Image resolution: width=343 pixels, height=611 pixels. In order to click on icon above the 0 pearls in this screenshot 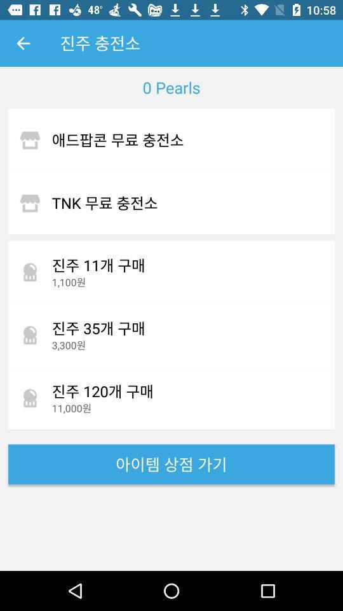, I will do `click(23, 43)`.